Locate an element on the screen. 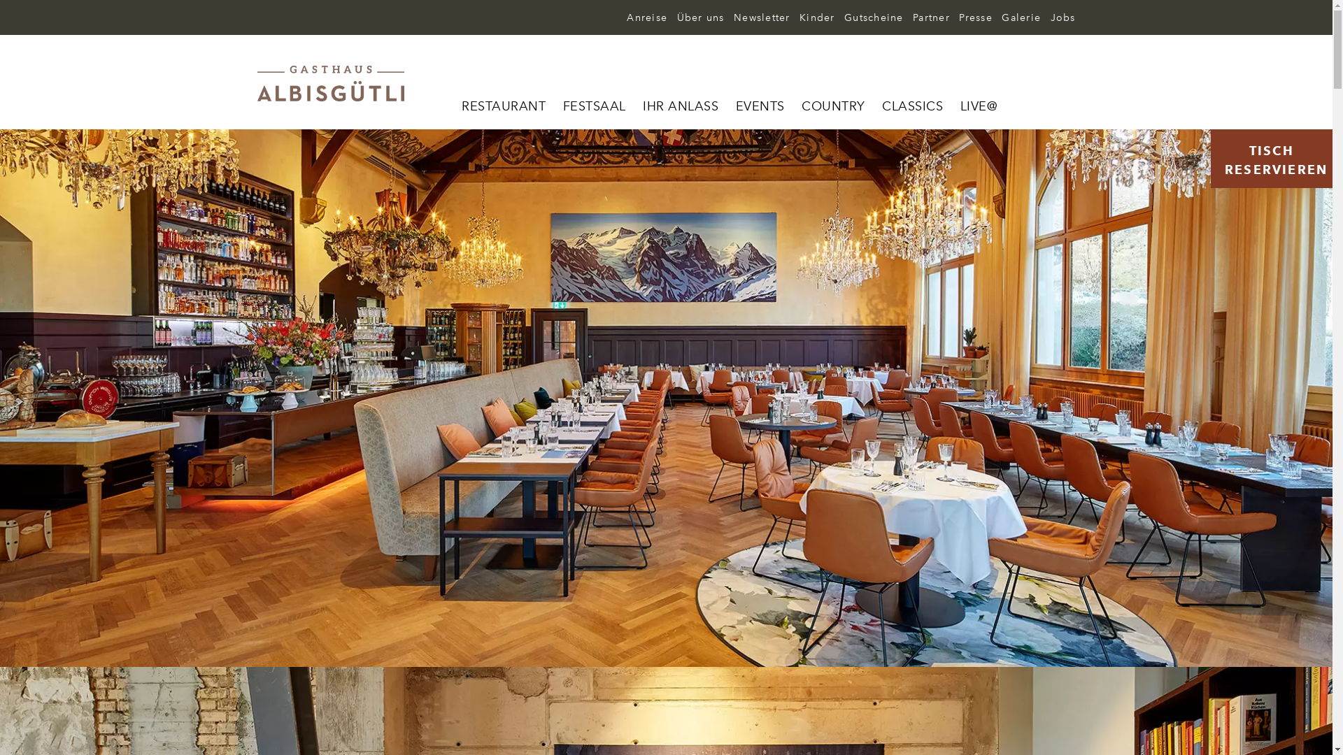 This screenshot has width=1343, height=755. 'Jobs' is located at coordinates (1059, 18).